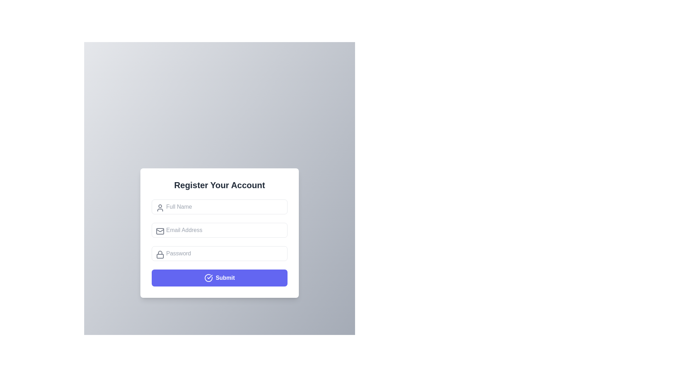  I want to click on the SVG Icon representing password or security, located to the left of the password input field, so click(159, 254).